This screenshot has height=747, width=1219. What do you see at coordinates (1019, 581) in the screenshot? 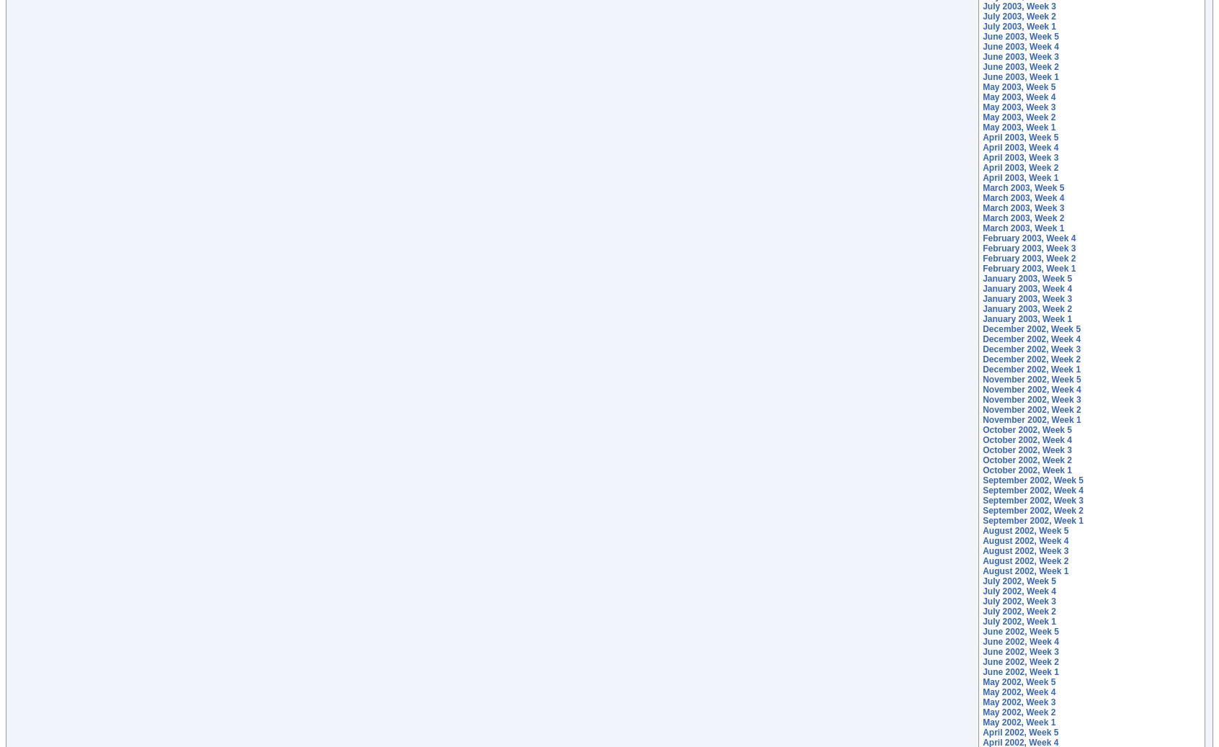
I see `'July 2002, Week 5'` at bounding box center [1019, 581].